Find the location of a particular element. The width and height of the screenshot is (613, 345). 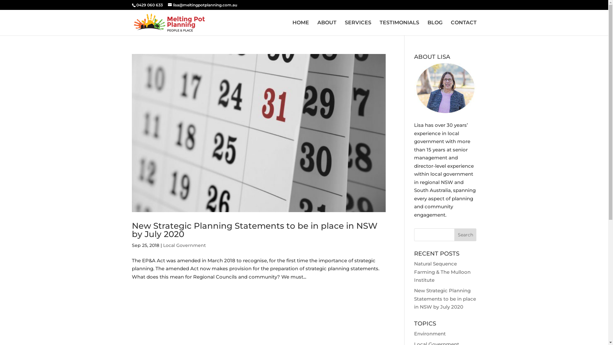

'TESTIMONIALS' is located at coordinates (398, 27).